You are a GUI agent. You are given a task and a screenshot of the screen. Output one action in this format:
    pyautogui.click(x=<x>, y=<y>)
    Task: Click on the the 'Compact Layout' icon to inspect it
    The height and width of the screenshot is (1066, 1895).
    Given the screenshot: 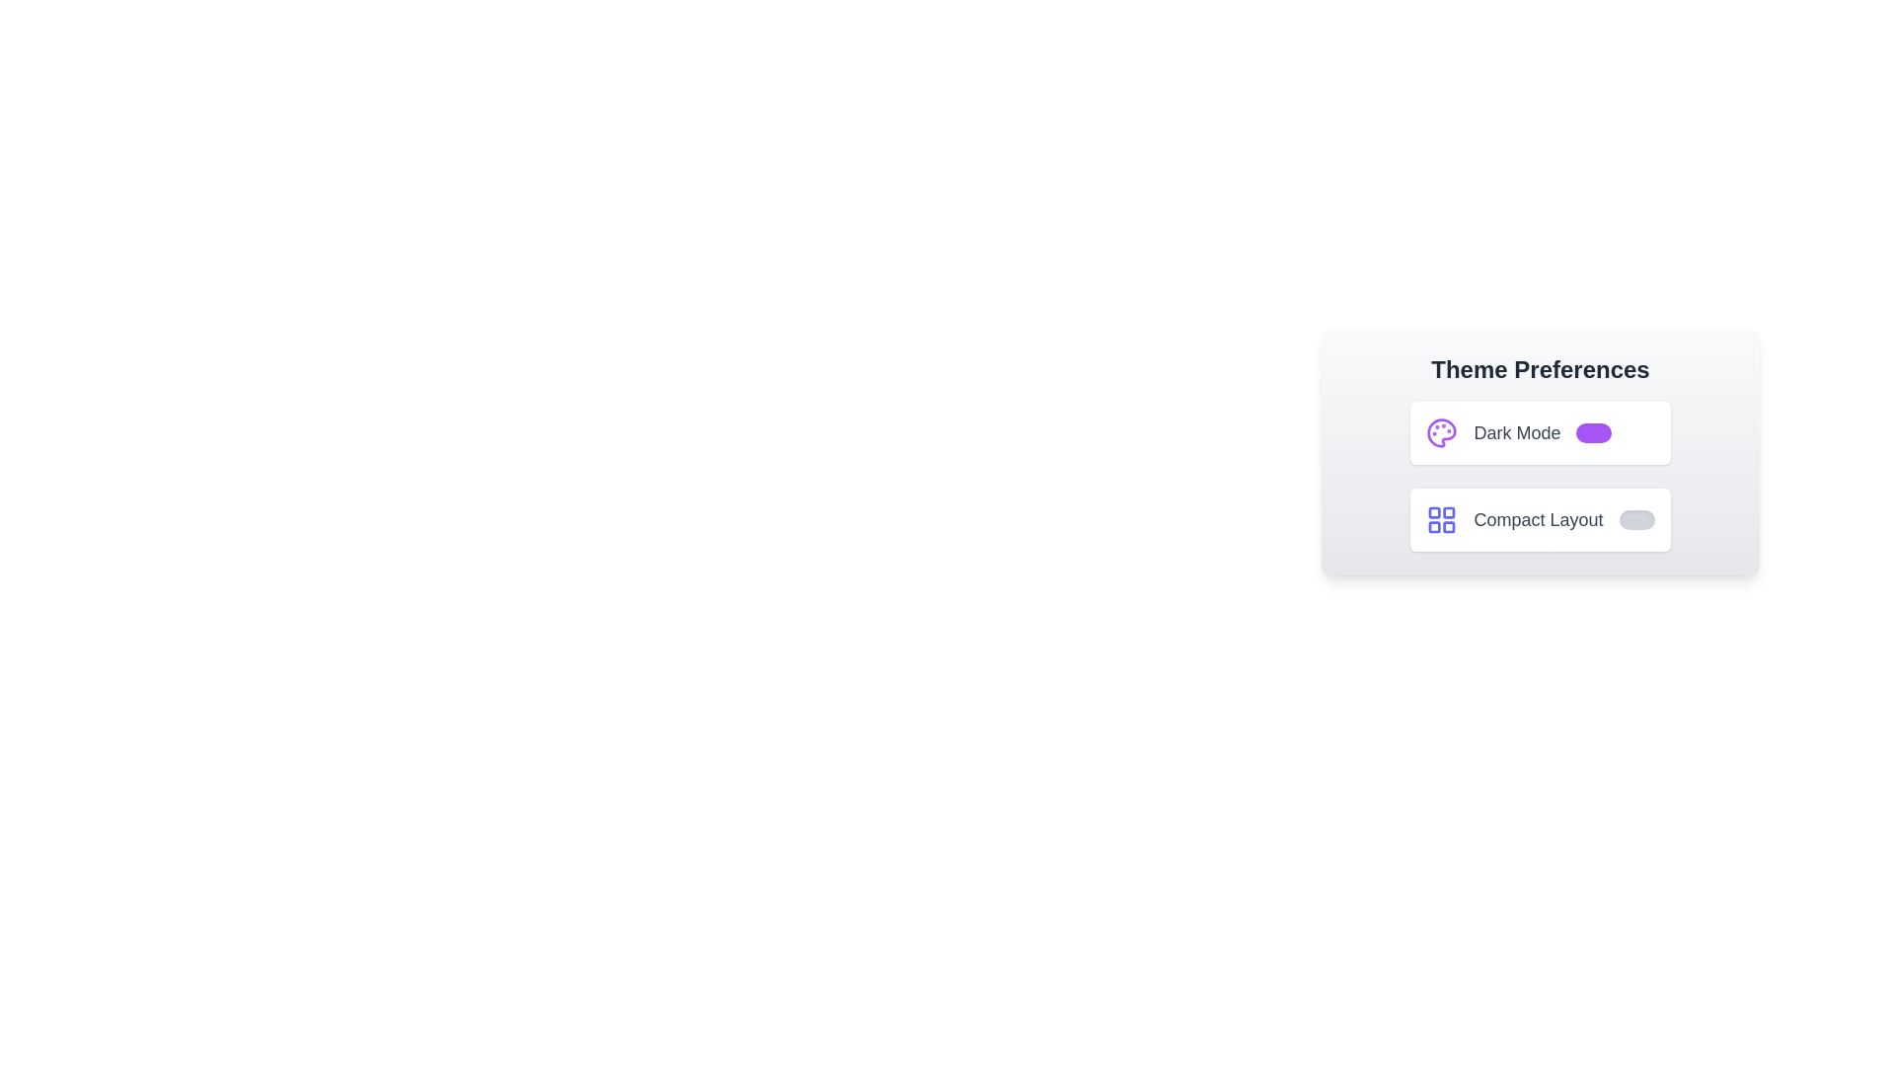 What is the action you would take?
    pyautogui.click(x=1441, y=519)
    